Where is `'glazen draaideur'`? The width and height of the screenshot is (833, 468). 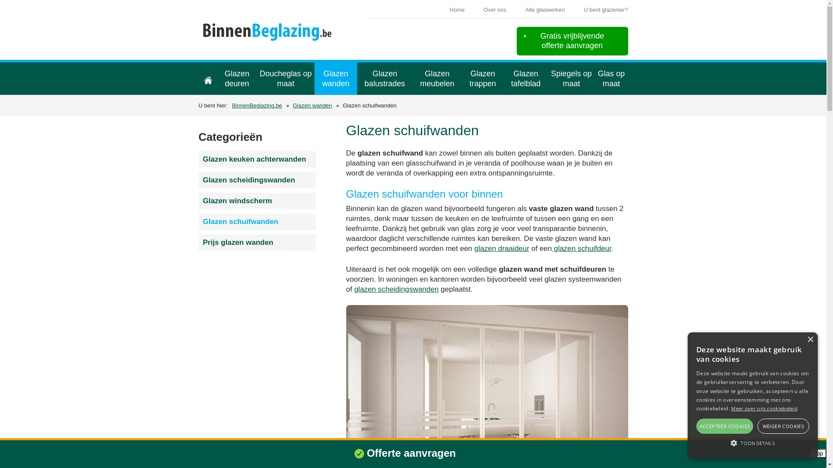 'glazen draaideur' is located at coordinates (474, 248).